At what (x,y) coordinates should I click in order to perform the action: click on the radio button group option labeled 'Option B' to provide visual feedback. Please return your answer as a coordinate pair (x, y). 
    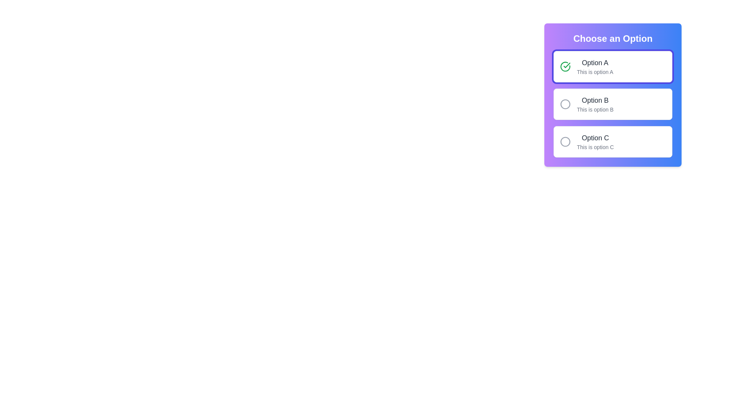
    Looking at the image, I should click on (612, 104).